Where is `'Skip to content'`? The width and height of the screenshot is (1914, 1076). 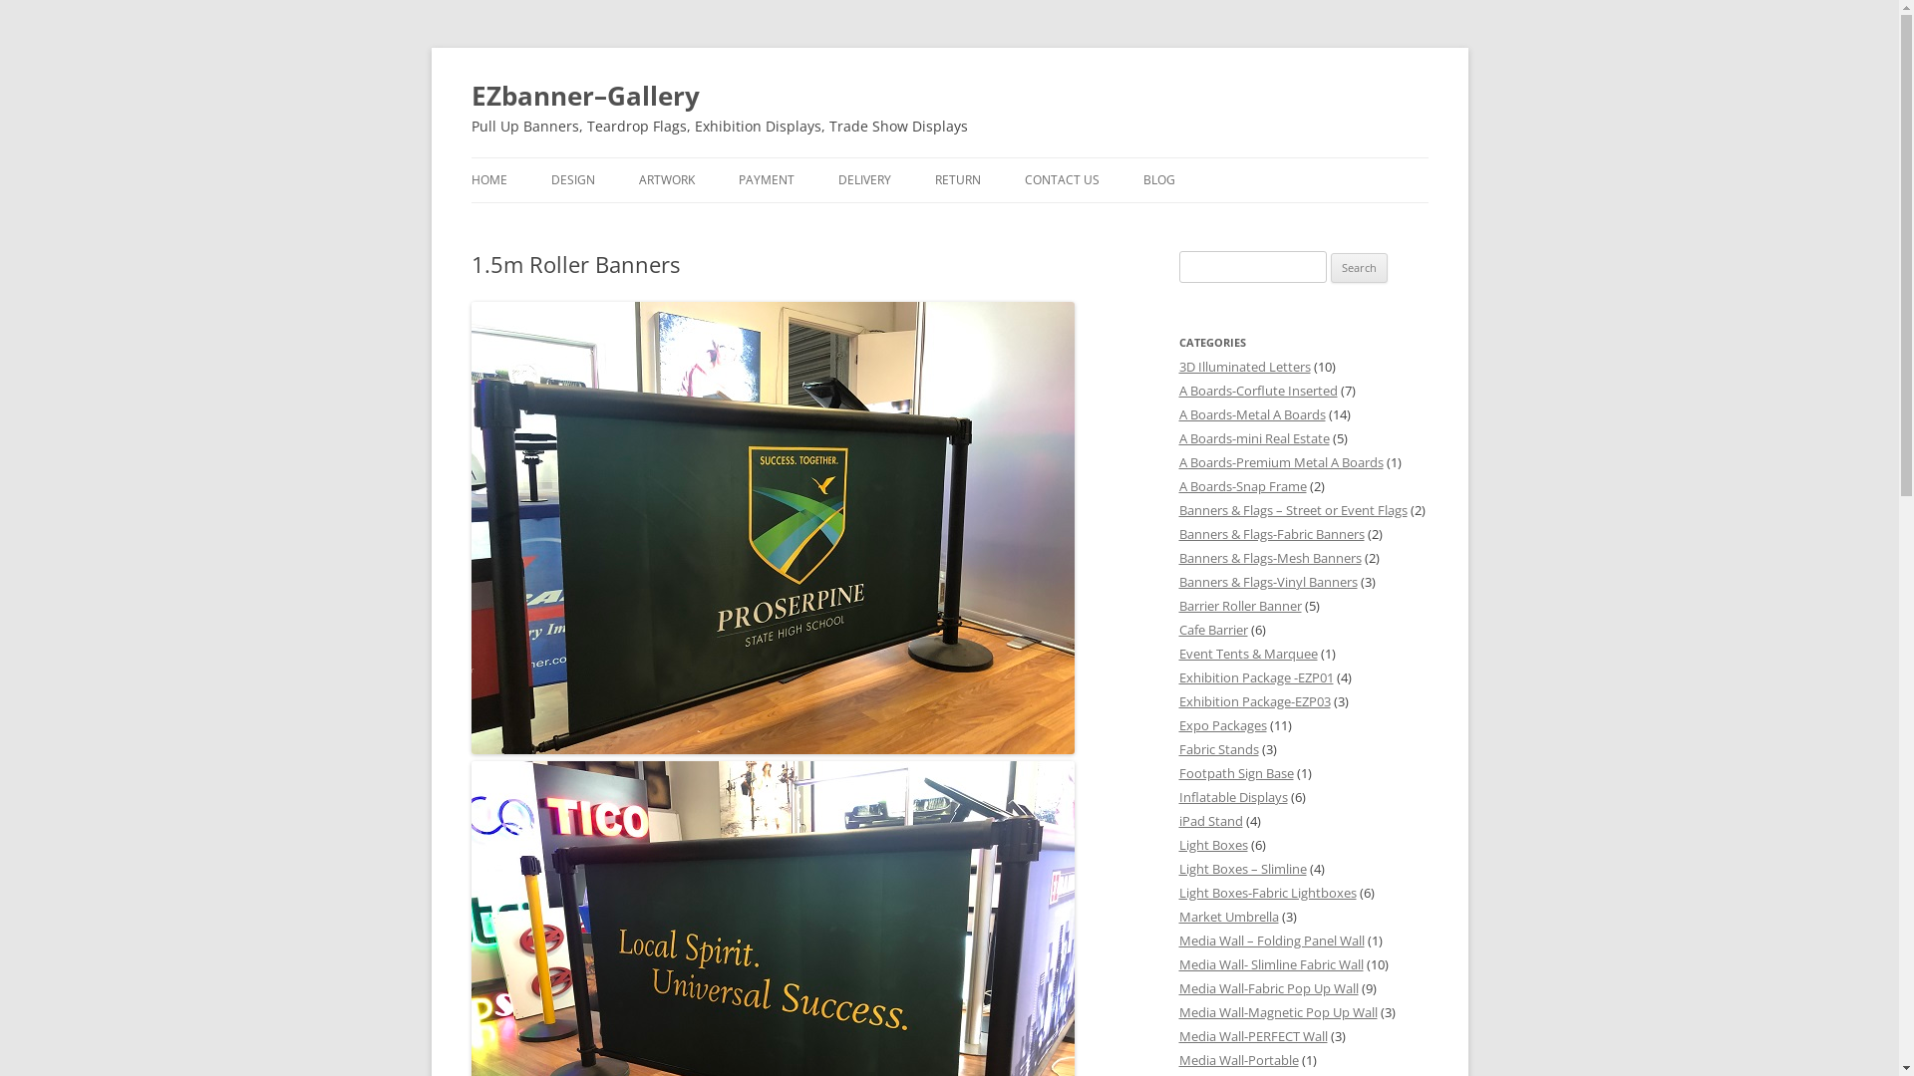
'Skip to content' is located at coordinates (999, 163).